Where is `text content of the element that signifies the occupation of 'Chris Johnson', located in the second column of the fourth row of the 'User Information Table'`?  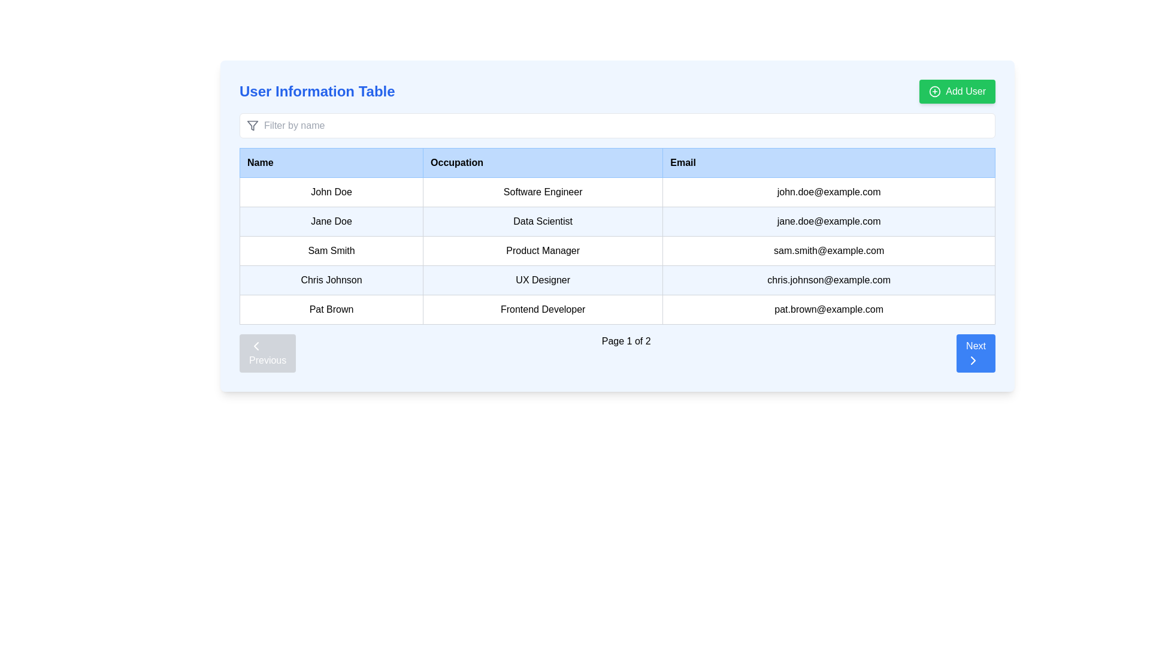
text content of the element that signifies the occupation of 'Chris Johnson', located in the second column of the fourth row of the 'User Information Table' is located at coordinates (542, 280).